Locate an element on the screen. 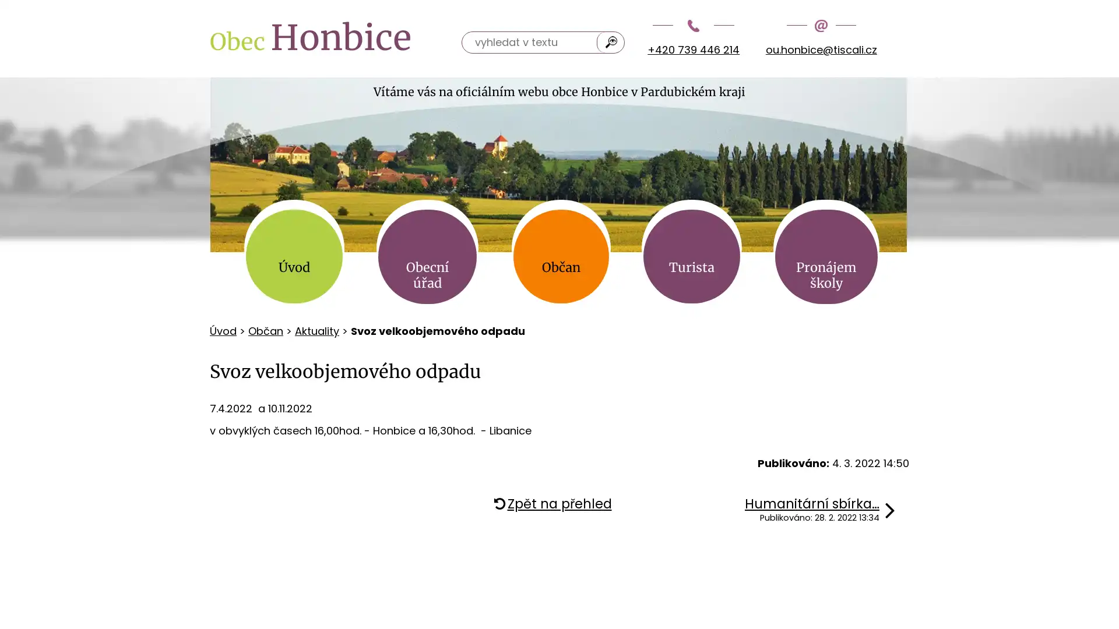  Hledat is located at coordinates (611, 41).